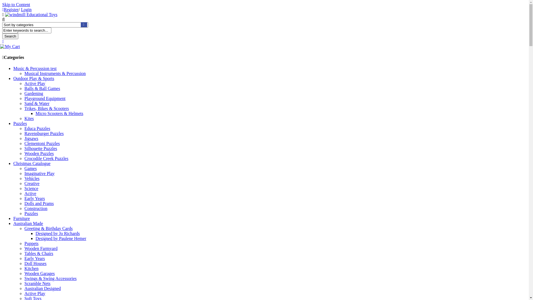 The image size is (533, 300). I want to click on 'Greeting & Birthday Cards', so click(24, 228).